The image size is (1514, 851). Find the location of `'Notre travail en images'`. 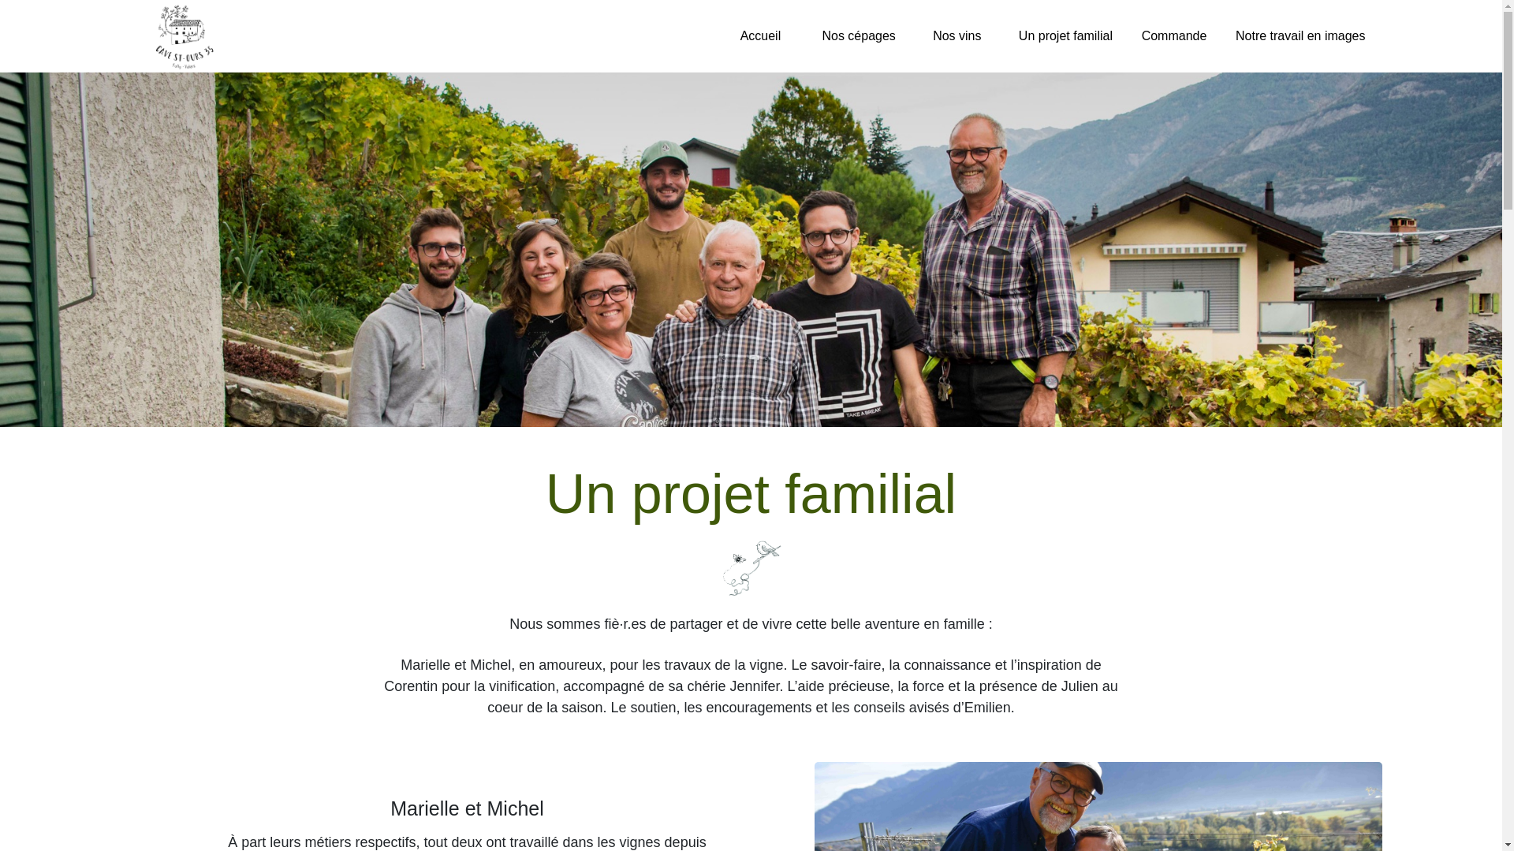

'Notre travail en images' is located at coordinates (1300, 35).